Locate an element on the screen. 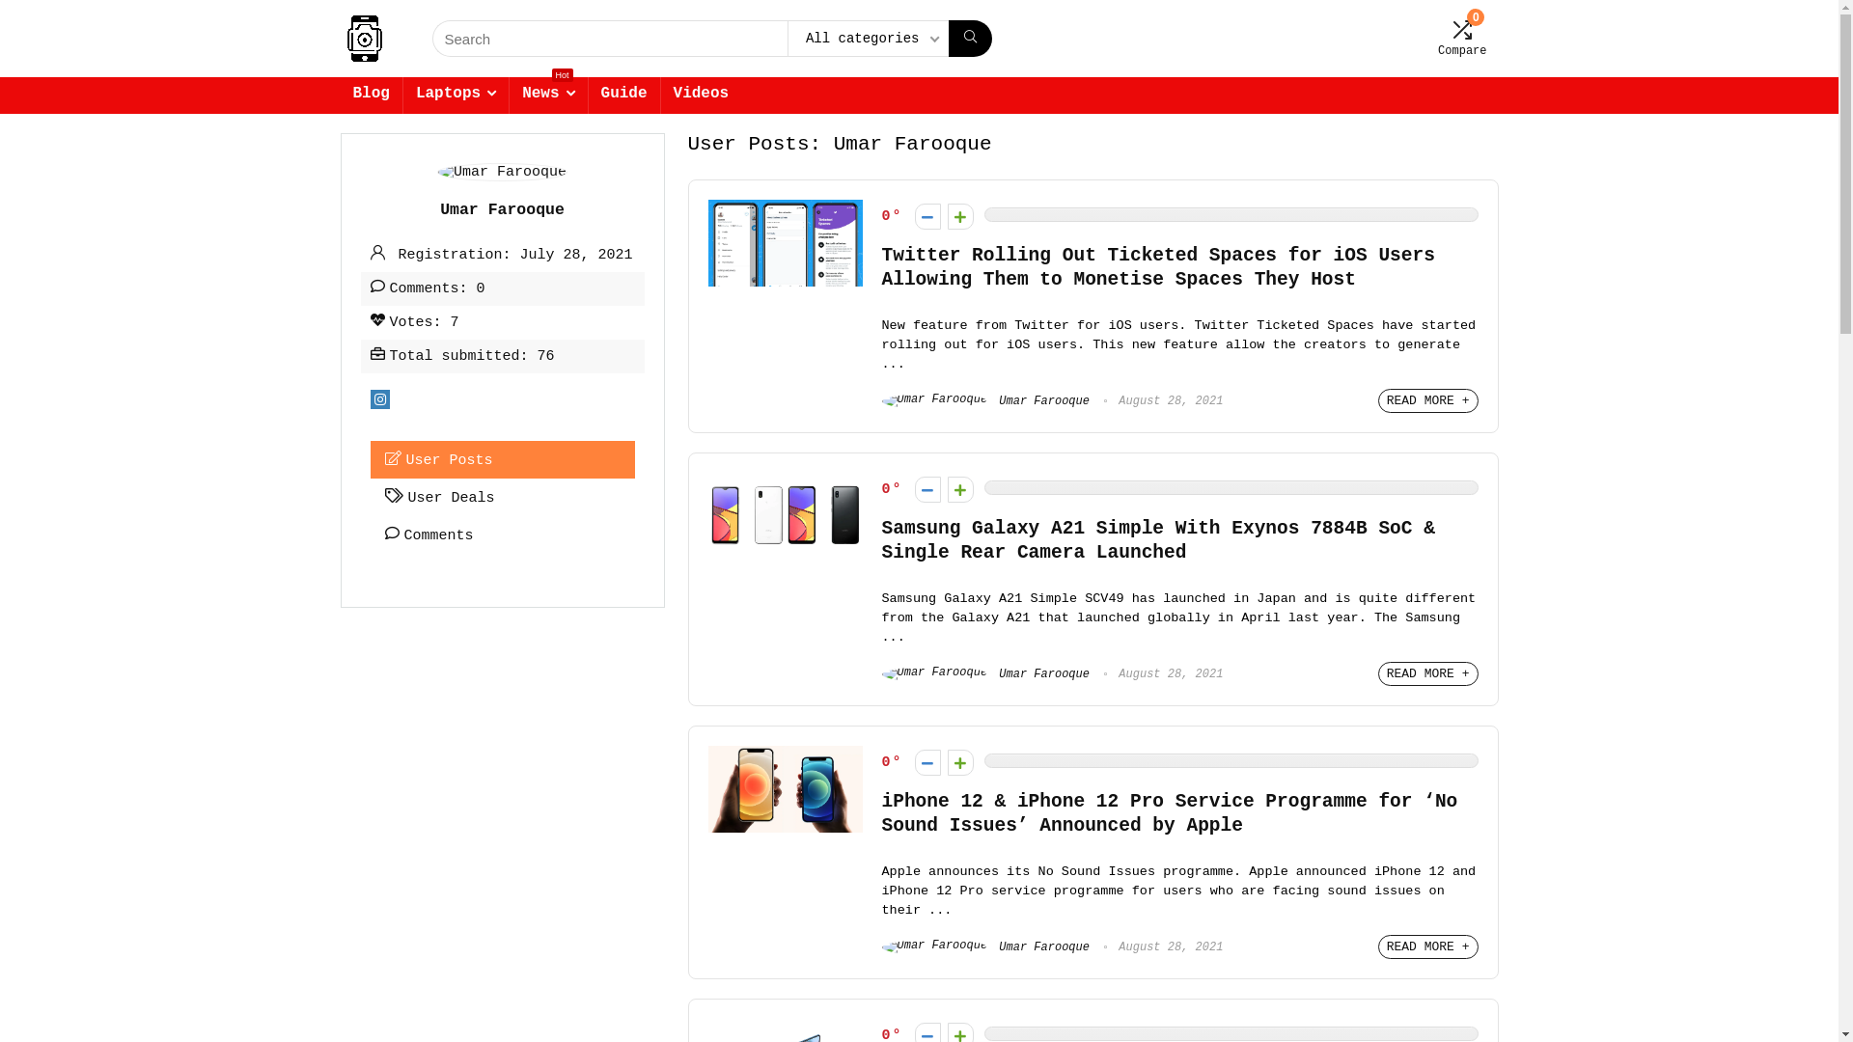 This screenshot has height=1042, width=1853. 'READ MORE +' is located at coordinates (1427, 672).